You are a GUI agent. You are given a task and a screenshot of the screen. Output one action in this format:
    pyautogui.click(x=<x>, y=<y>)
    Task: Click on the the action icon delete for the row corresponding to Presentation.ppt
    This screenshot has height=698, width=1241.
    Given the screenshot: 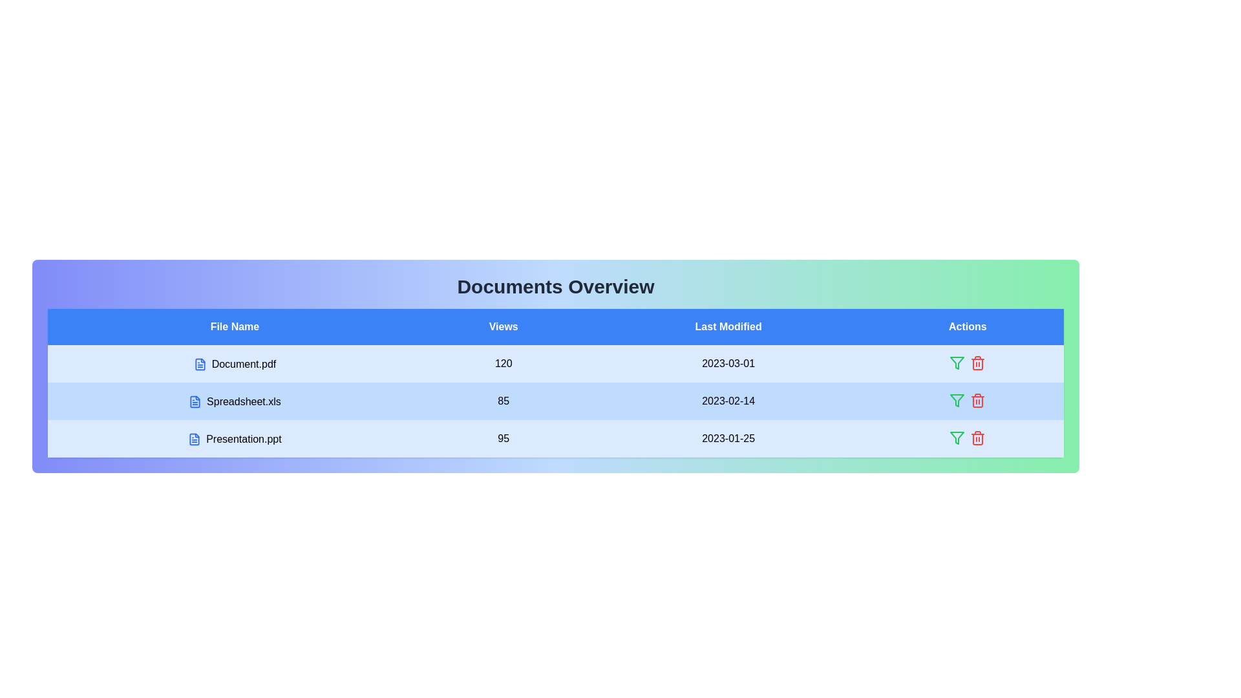 What is the action you would take?
    pyautogui.click(x=977, y=438)
    